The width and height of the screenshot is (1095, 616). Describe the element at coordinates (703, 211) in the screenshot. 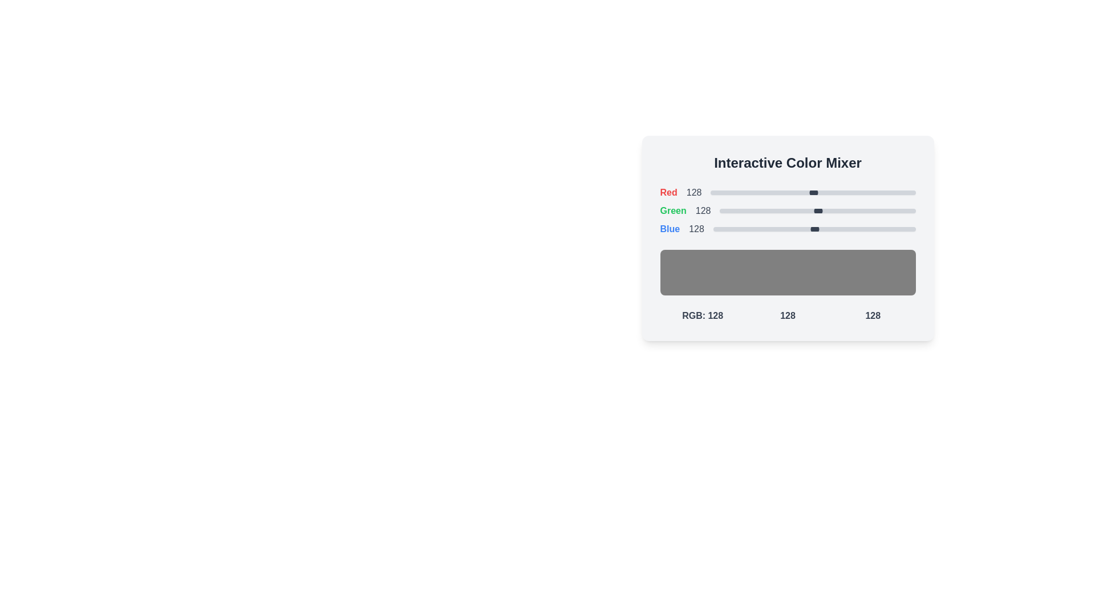

I see `current numeric value displayed in the text label that shows the green color component in the interactive color mixer, located directly to the right of the 'Green' label` at that location.